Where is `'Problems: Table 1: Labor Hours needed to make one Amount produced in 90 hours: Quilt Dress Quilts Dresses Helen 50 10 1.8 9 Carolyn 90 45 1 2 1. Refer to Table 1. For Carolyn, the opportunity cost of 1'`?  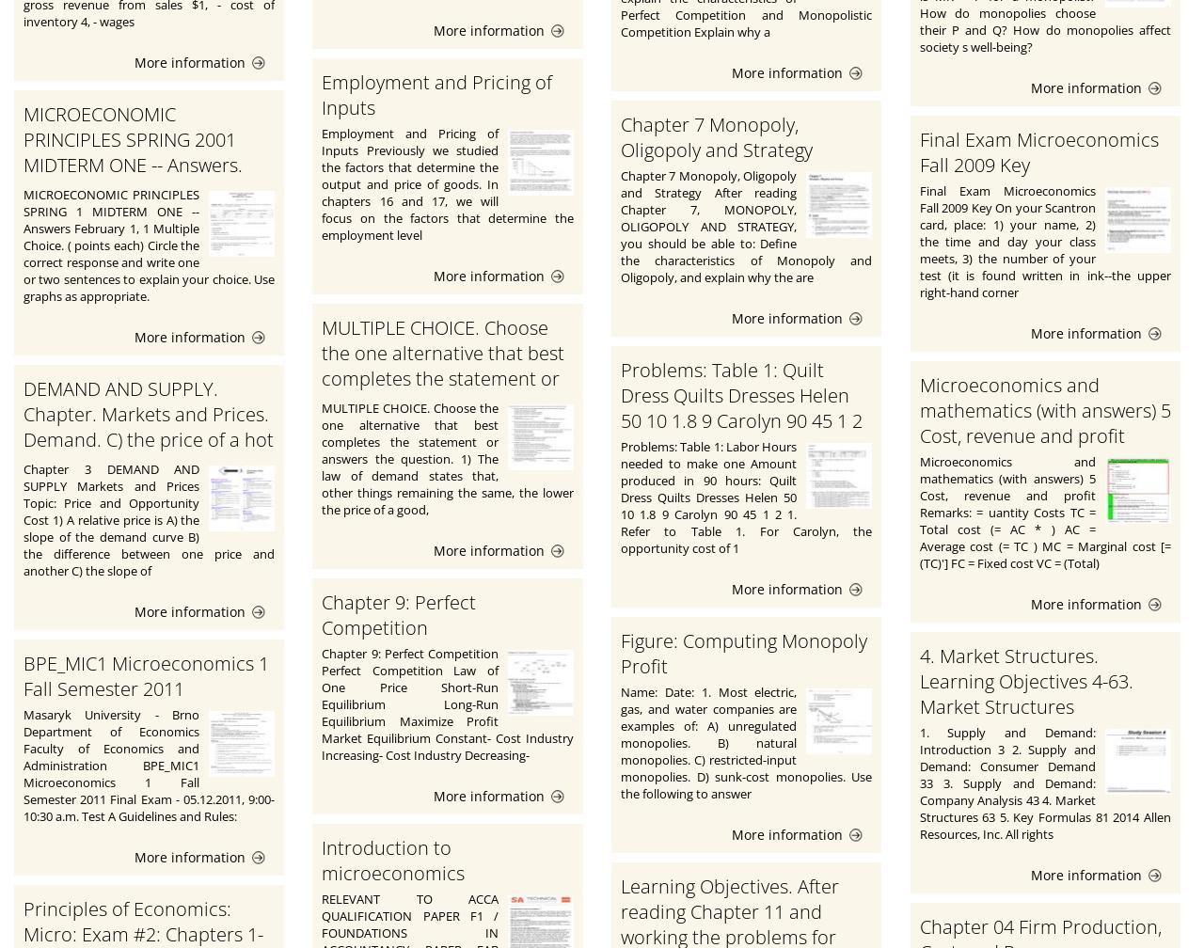
'Problems: Table 1: Labor Hours needed to make one Amount produced in 90 hours: Quilt Dress Quilts Dresses Helen 50 10 1.8 9 Carolyn 90 45 1 2 1. Refer to Table 1. For Carolyn, the opportunity cost of 1' is located at coordinates (744, 497).